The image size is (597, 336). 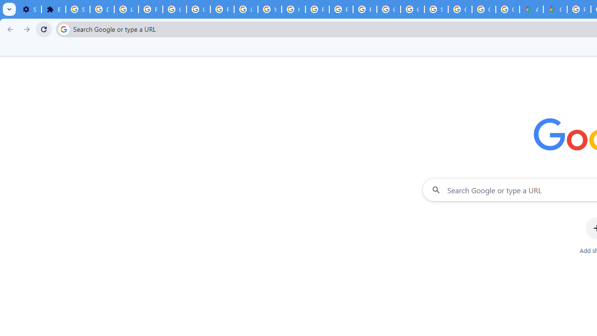 I want to click on 'Policy Accountability and Transparency - Transparency Center', so click(x=578, y=9).